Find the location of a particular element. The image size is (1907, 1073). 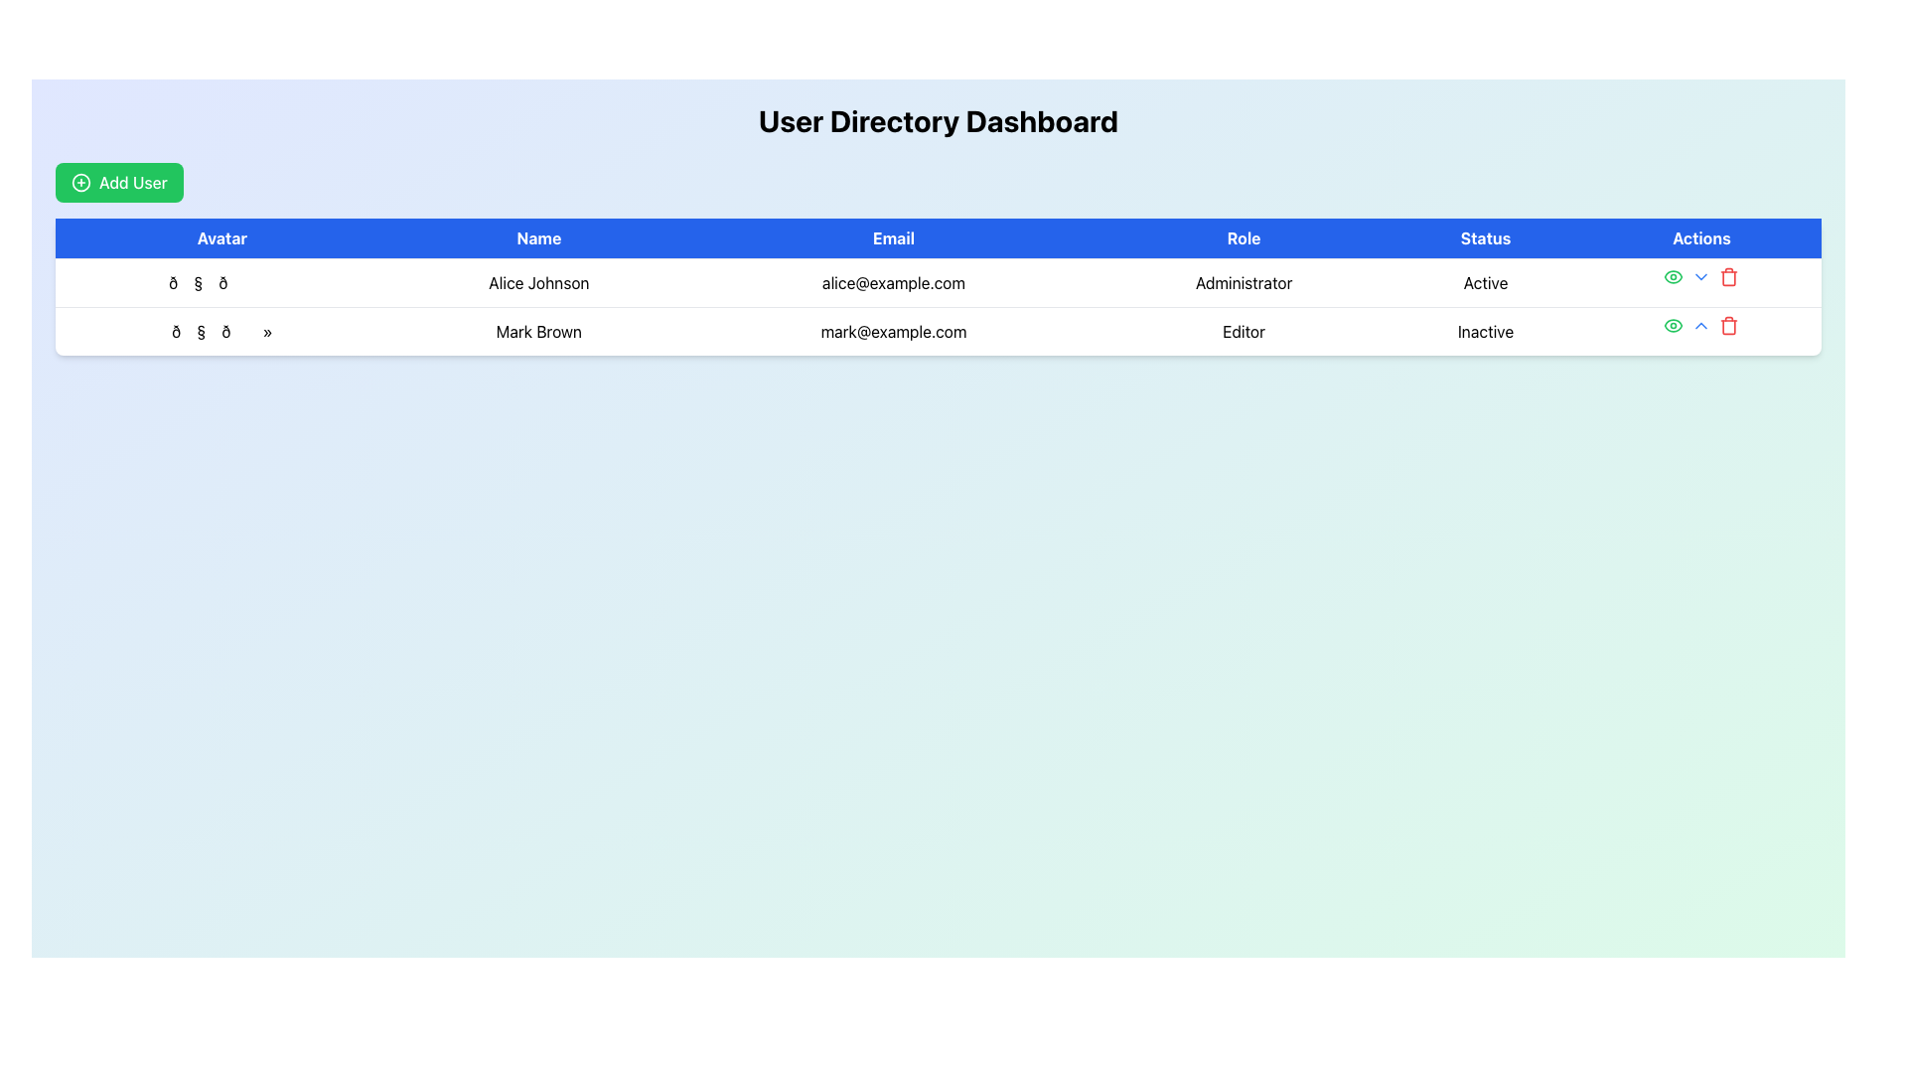

the eye icon button representing the action for user 'Alice Johnson' in the 'Actions' column is located at coordinates (1672, 276).